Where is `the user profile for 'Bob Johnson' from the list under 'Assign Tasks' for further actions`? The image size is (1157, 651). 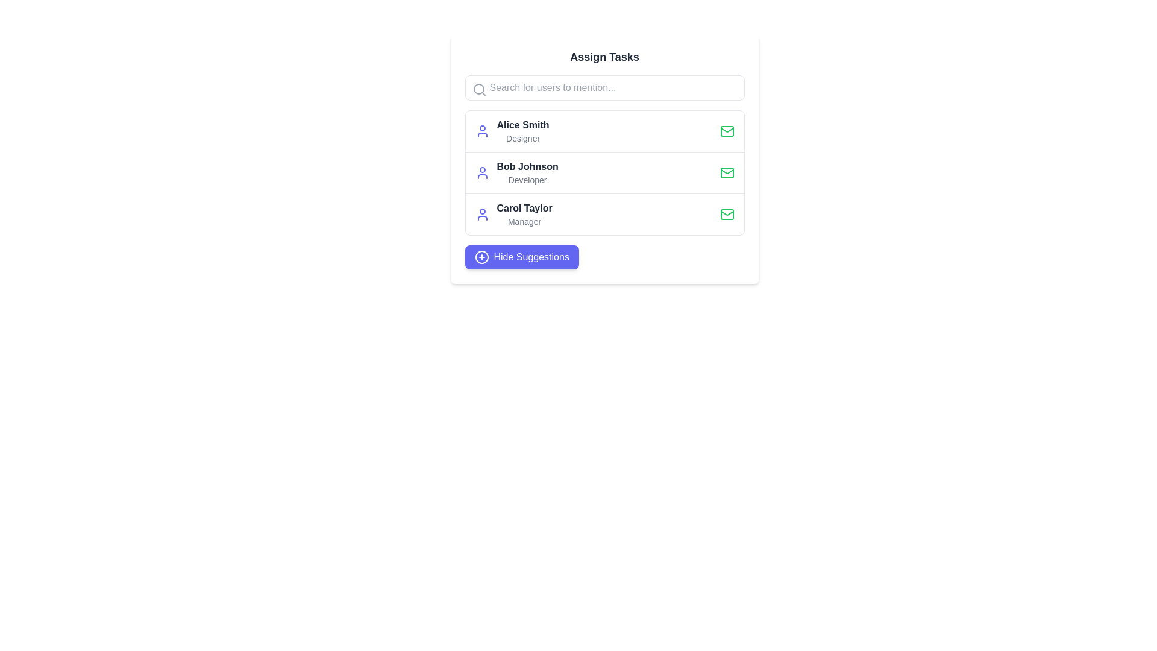
the user profile for 'Bob Johnson' from the list under 'Assign Tasks' for further actions is located at coordinates (604, 172).